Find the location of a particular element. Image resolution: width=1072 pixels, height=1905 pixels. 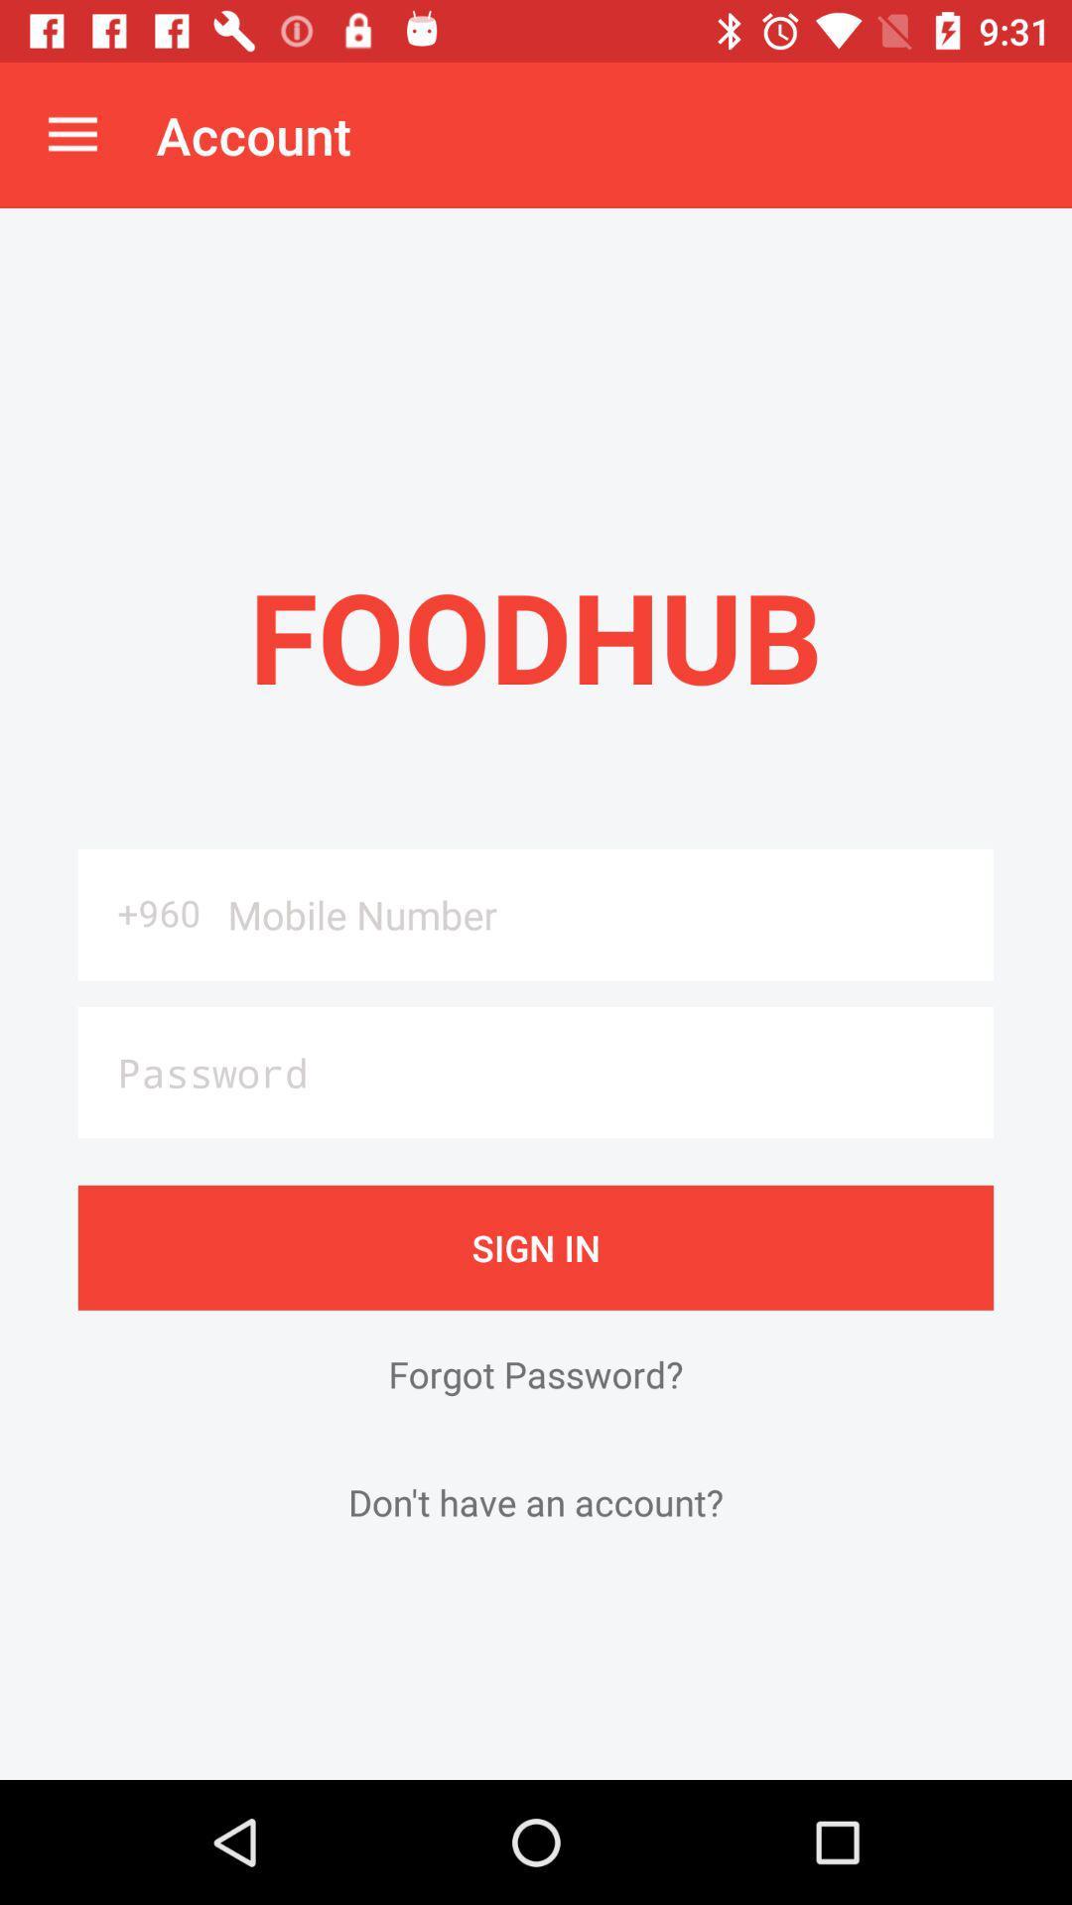

the icon next to the +960 icon is located at coordinates (603, 914).